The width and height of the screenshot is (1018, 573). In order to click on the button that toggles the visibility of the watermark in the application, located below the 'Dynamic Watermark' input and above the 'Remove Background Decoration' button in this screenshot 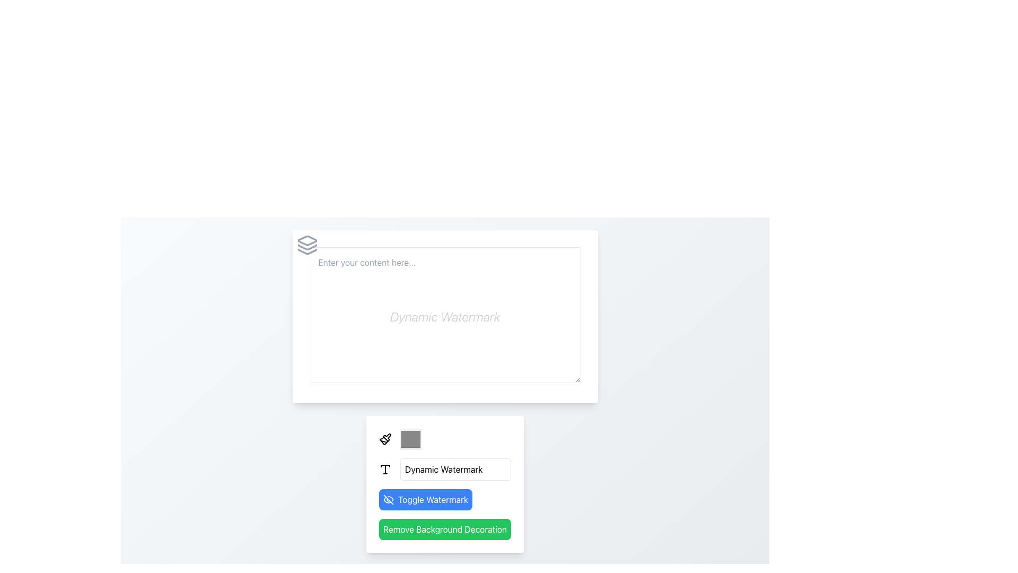, I will do `click(426, 499)`.